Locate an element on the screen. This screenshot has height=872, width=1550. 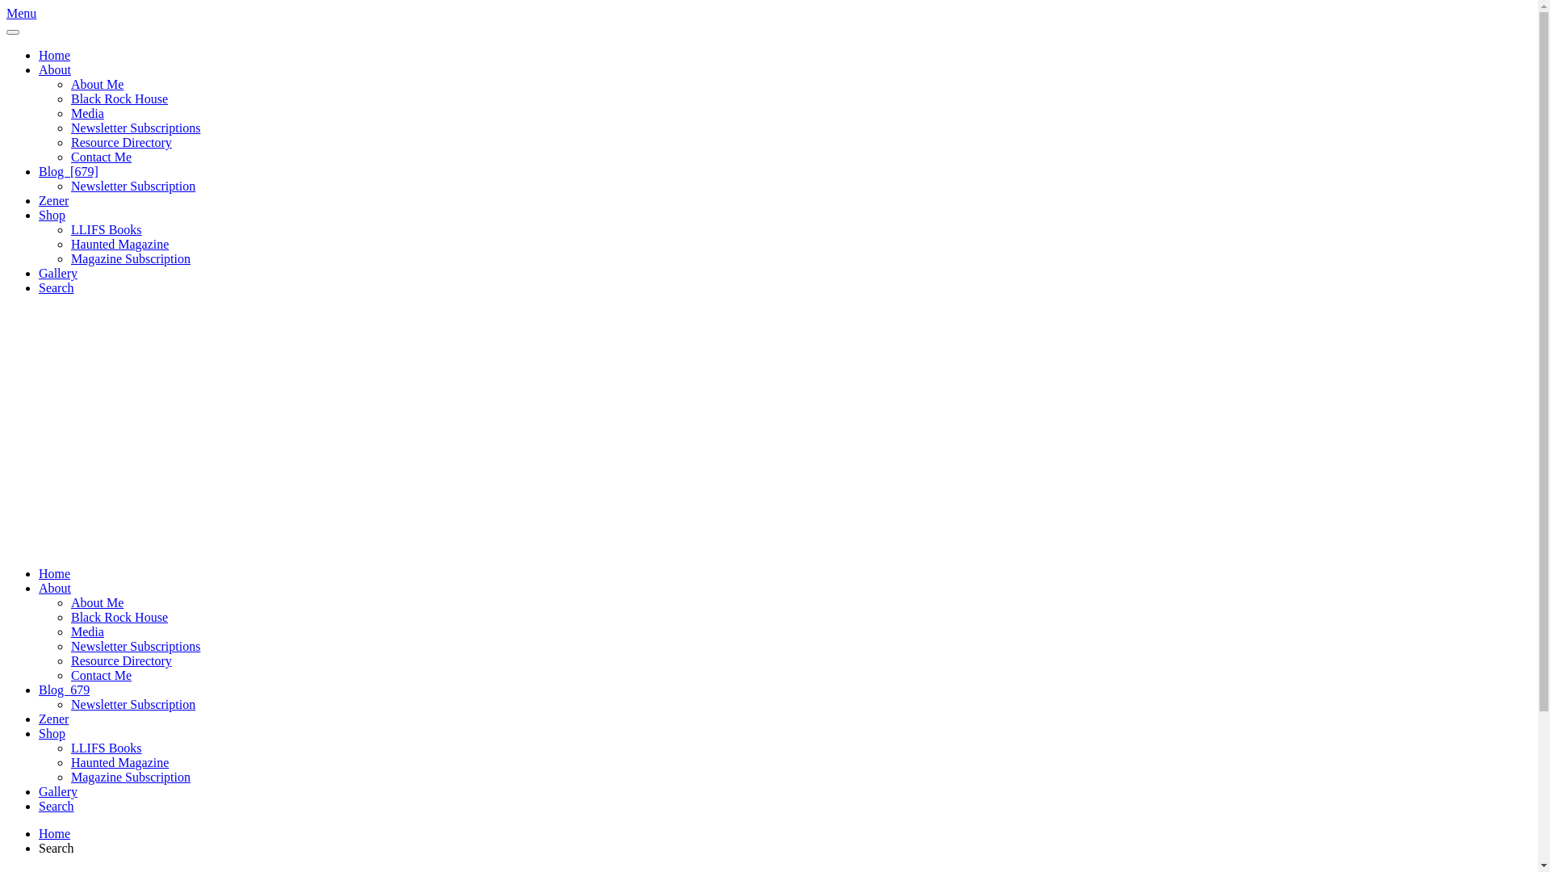
'Media' is located at coordinates (86, 631).